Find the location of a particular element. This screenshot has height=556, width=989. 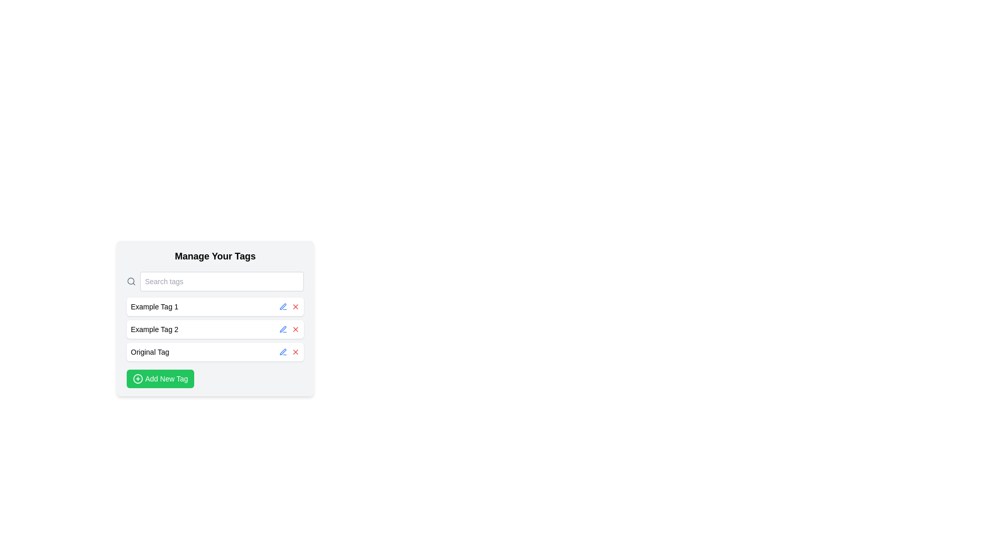

the edit button icon positioned on the left next to the text 'Example Tag 2', which serves as an edit trigger for the associated tag is located at coordinates (283, 306).